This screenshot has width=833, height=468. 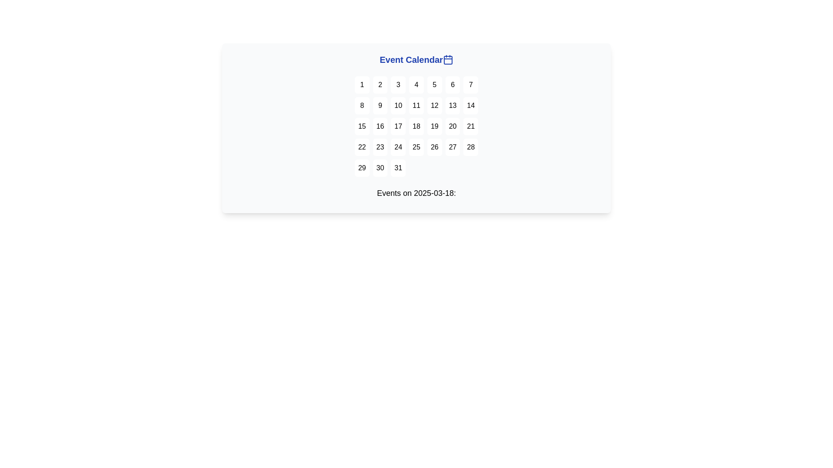 What do you see at coordinates (452, 85) in the screenshot?
I see `the calendar day button located in the sixth position of the first row` at bounding box center [452, 85].